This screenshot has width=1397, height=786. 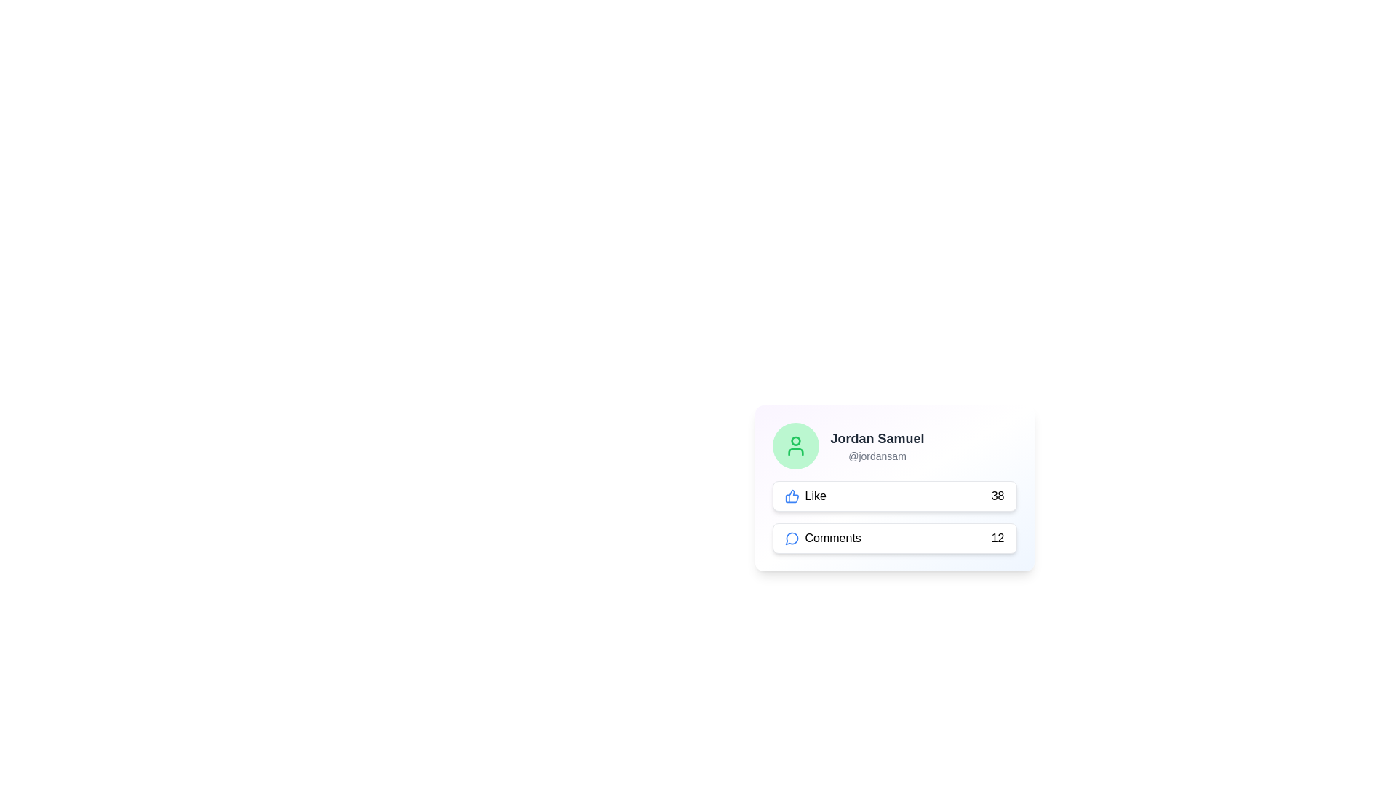 I want to click on the Profile Header which features a rounded green icon and text displaying 'Jordan Samuel' and '@jordansam', so click(x=893, y=445).